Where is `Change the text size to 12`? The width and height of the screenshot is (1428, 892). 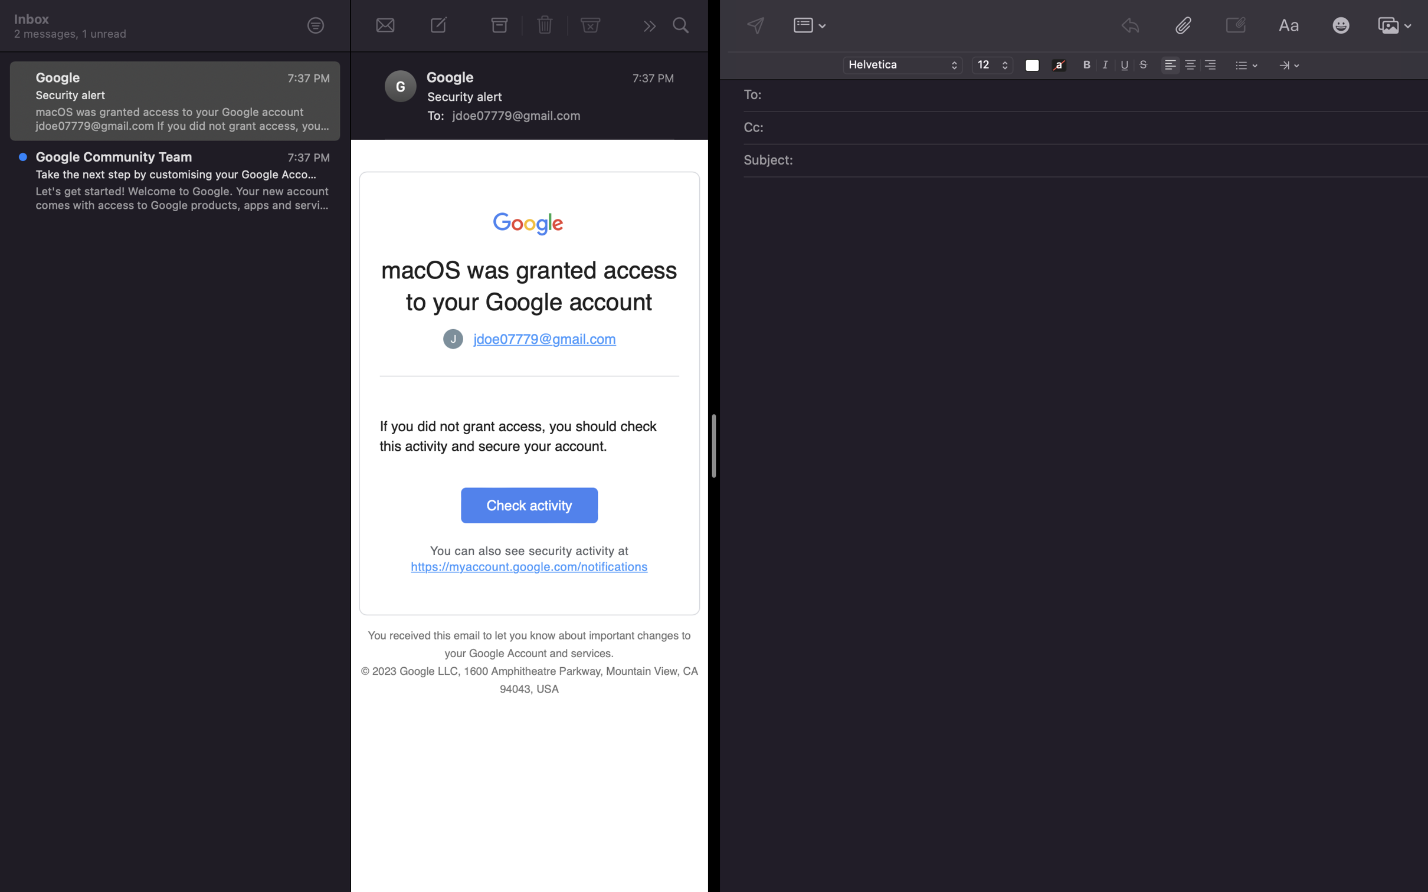 Change the text size to 12 is located at coordinates (992, 65).